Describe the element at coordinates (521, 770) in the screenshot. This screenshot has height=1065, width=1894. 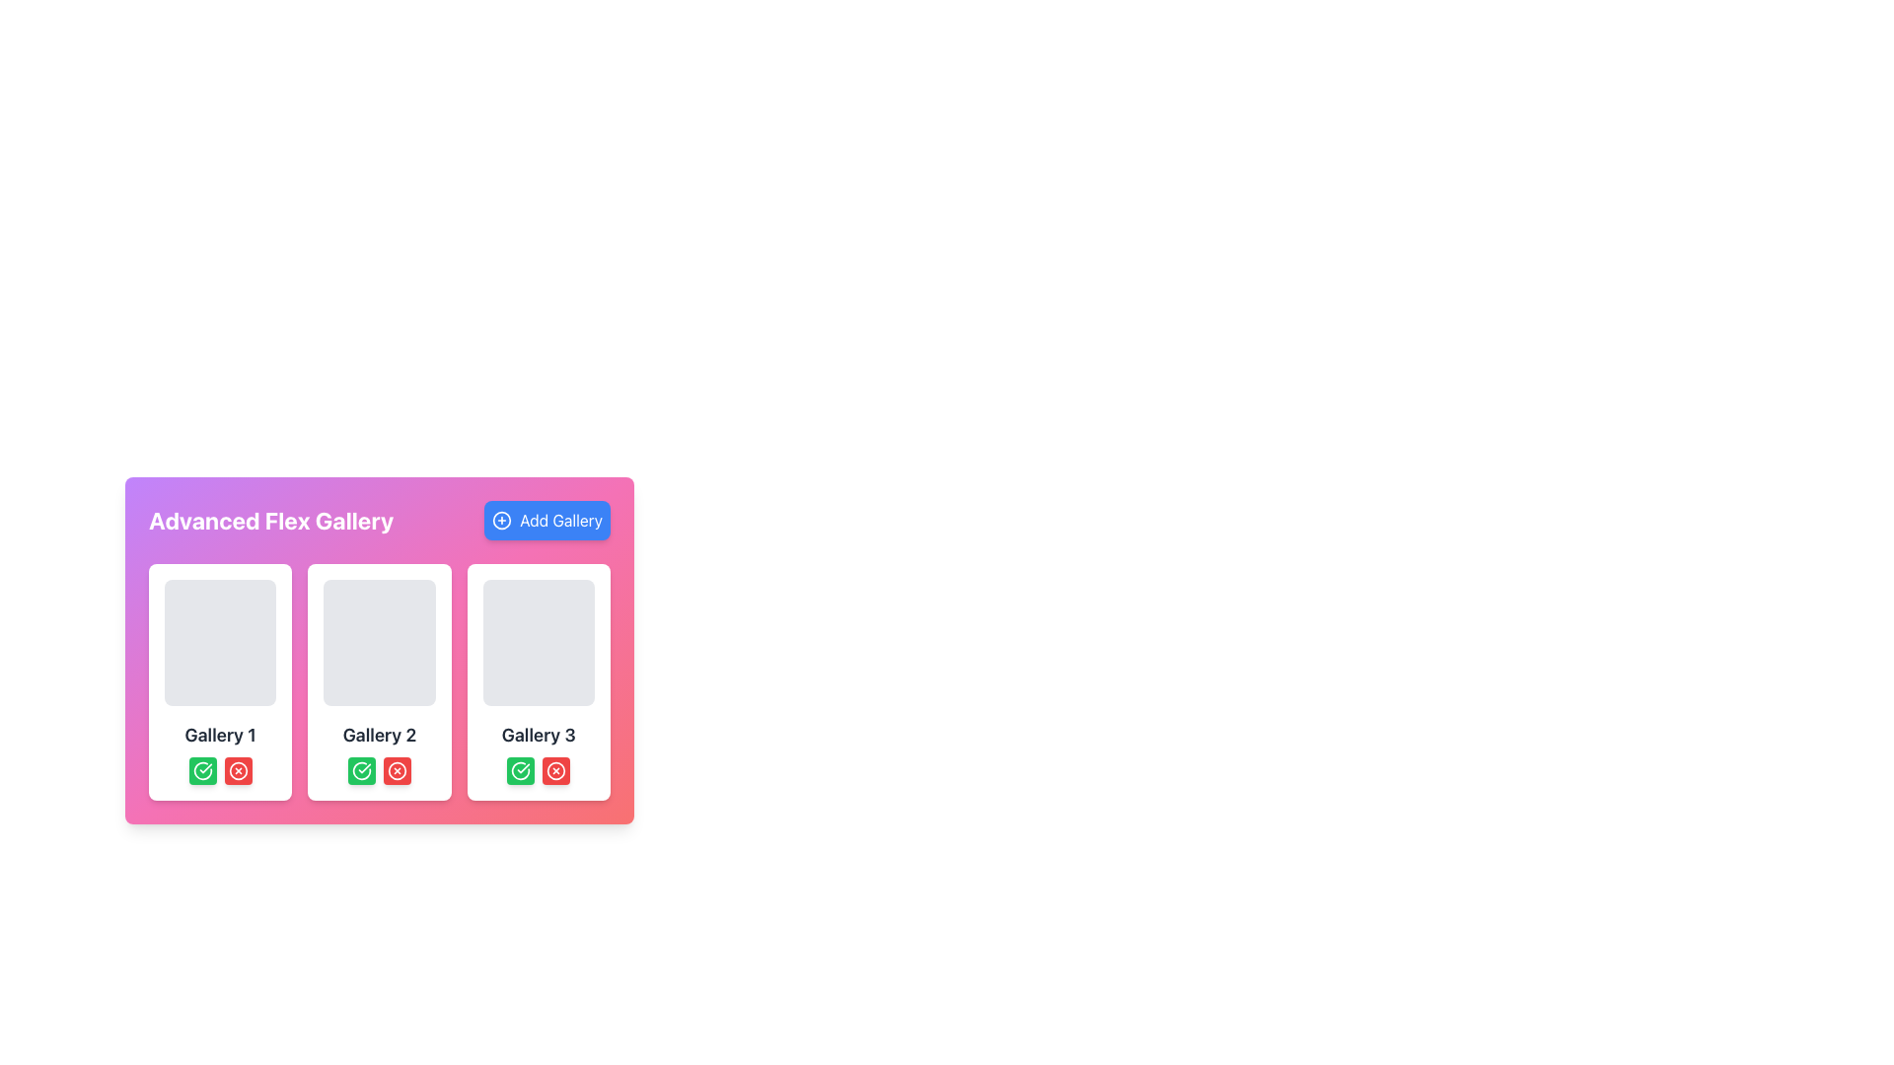
I see `the circular action button with a green border and checkmark inside, located in the bottom-left corner of the 'Gallery 3' card` at that location.